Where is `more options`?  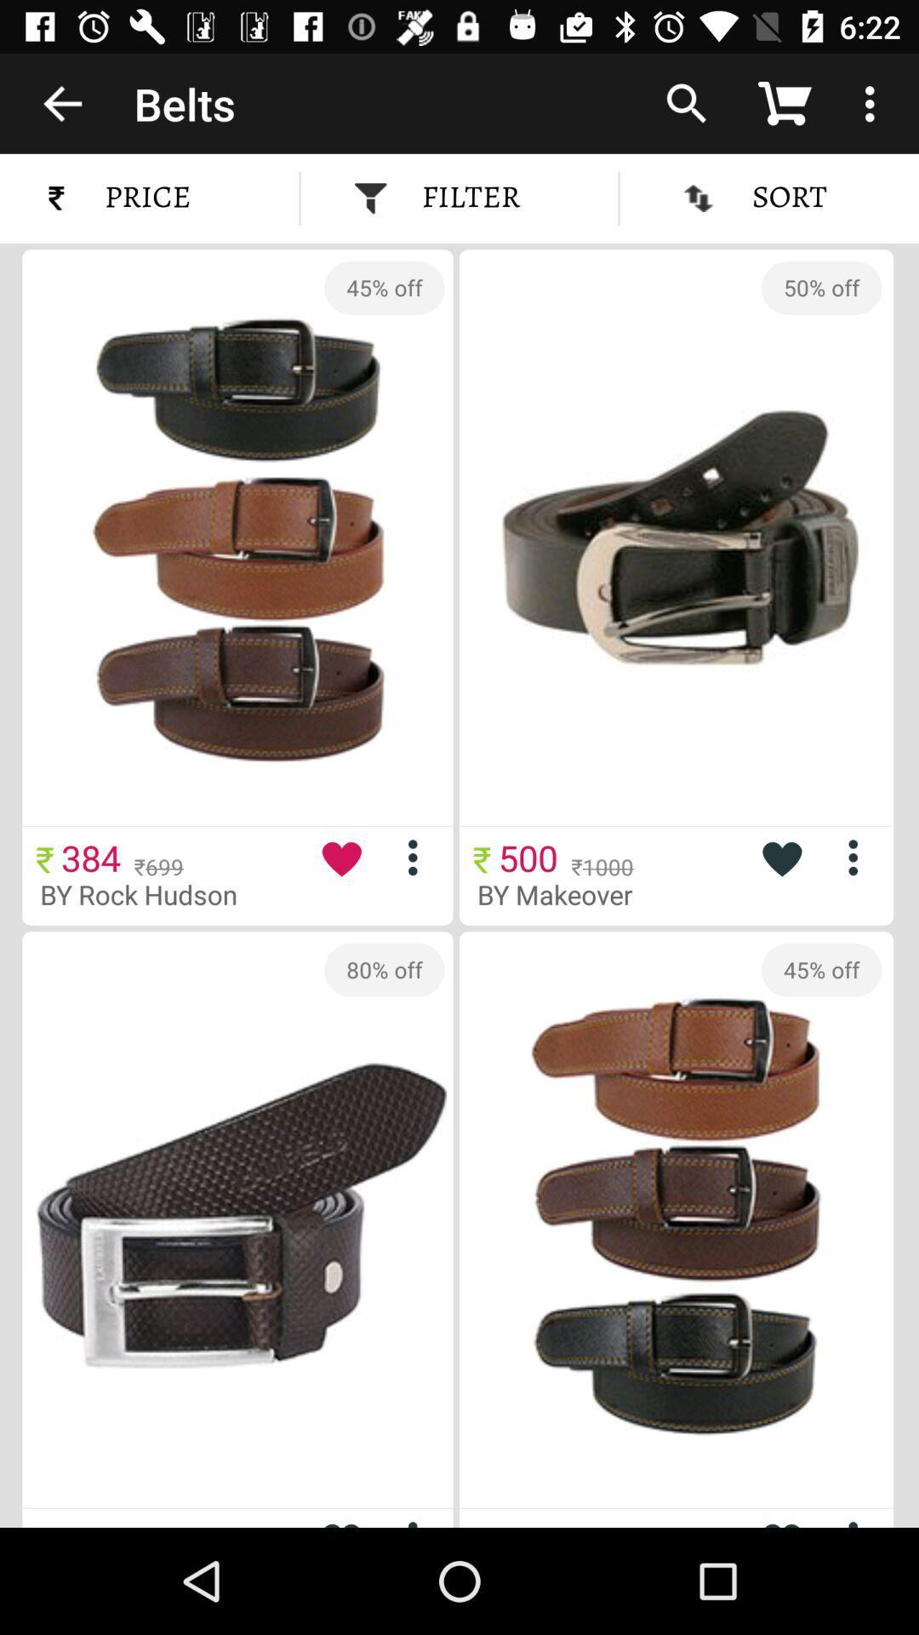
more options is located at coordinates (420, 858).